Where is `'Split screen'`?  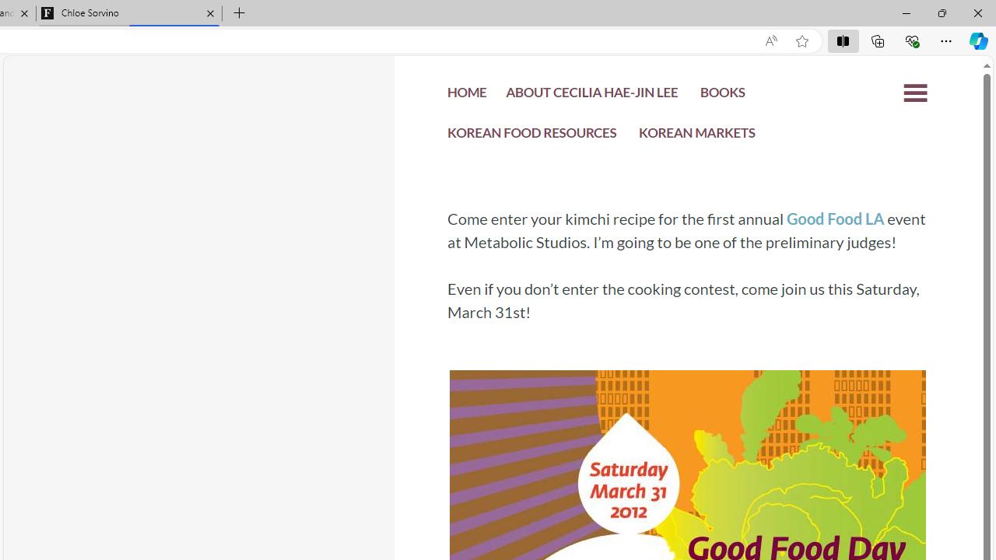 'Split screen' is located at coordinates (842, 40).